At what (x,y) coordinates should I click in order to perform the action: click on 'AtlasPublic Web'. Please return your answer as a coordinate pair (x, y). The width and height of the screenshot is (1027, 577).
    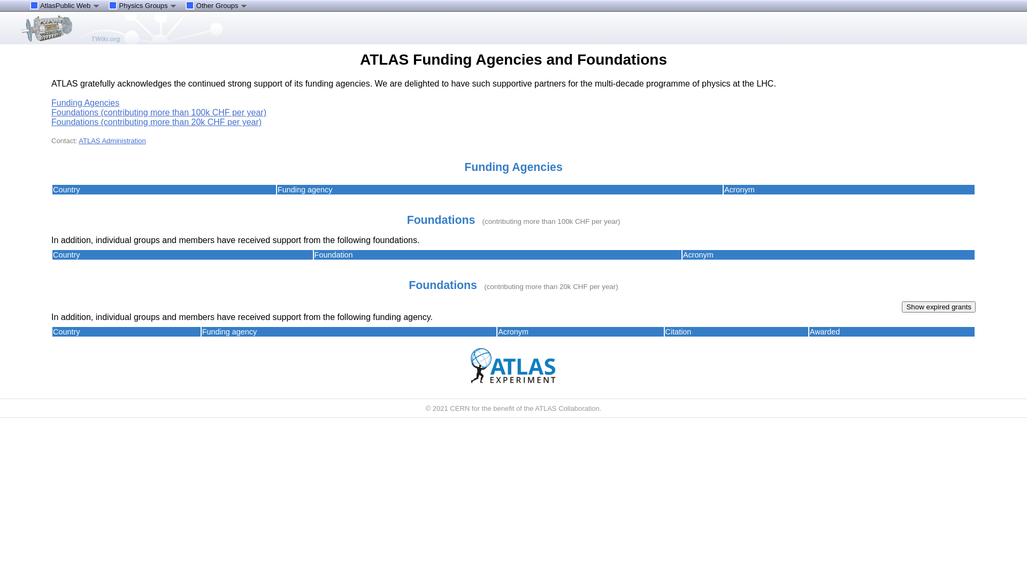
    Looking at the image, I should click on (26, 5).